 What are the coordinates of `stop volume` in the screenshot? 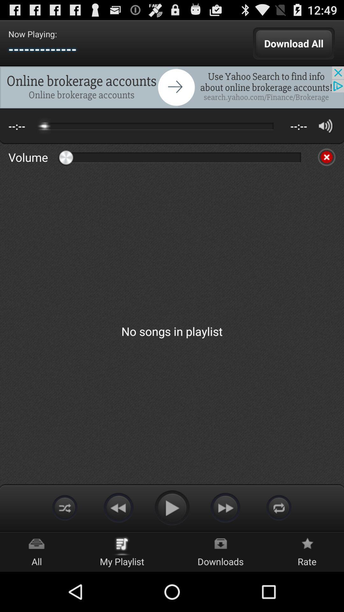 It's located at (326, 157).